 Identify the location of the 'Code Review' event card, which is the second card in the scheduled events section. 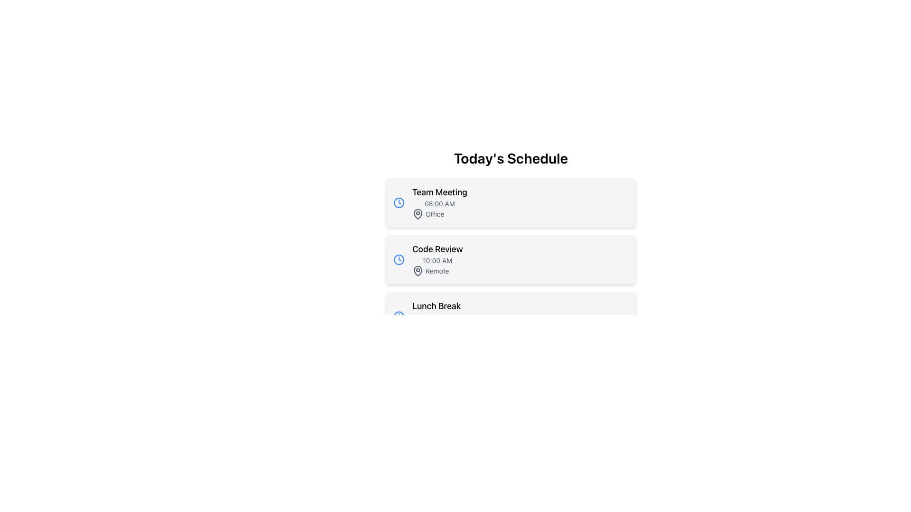
(510, 259).